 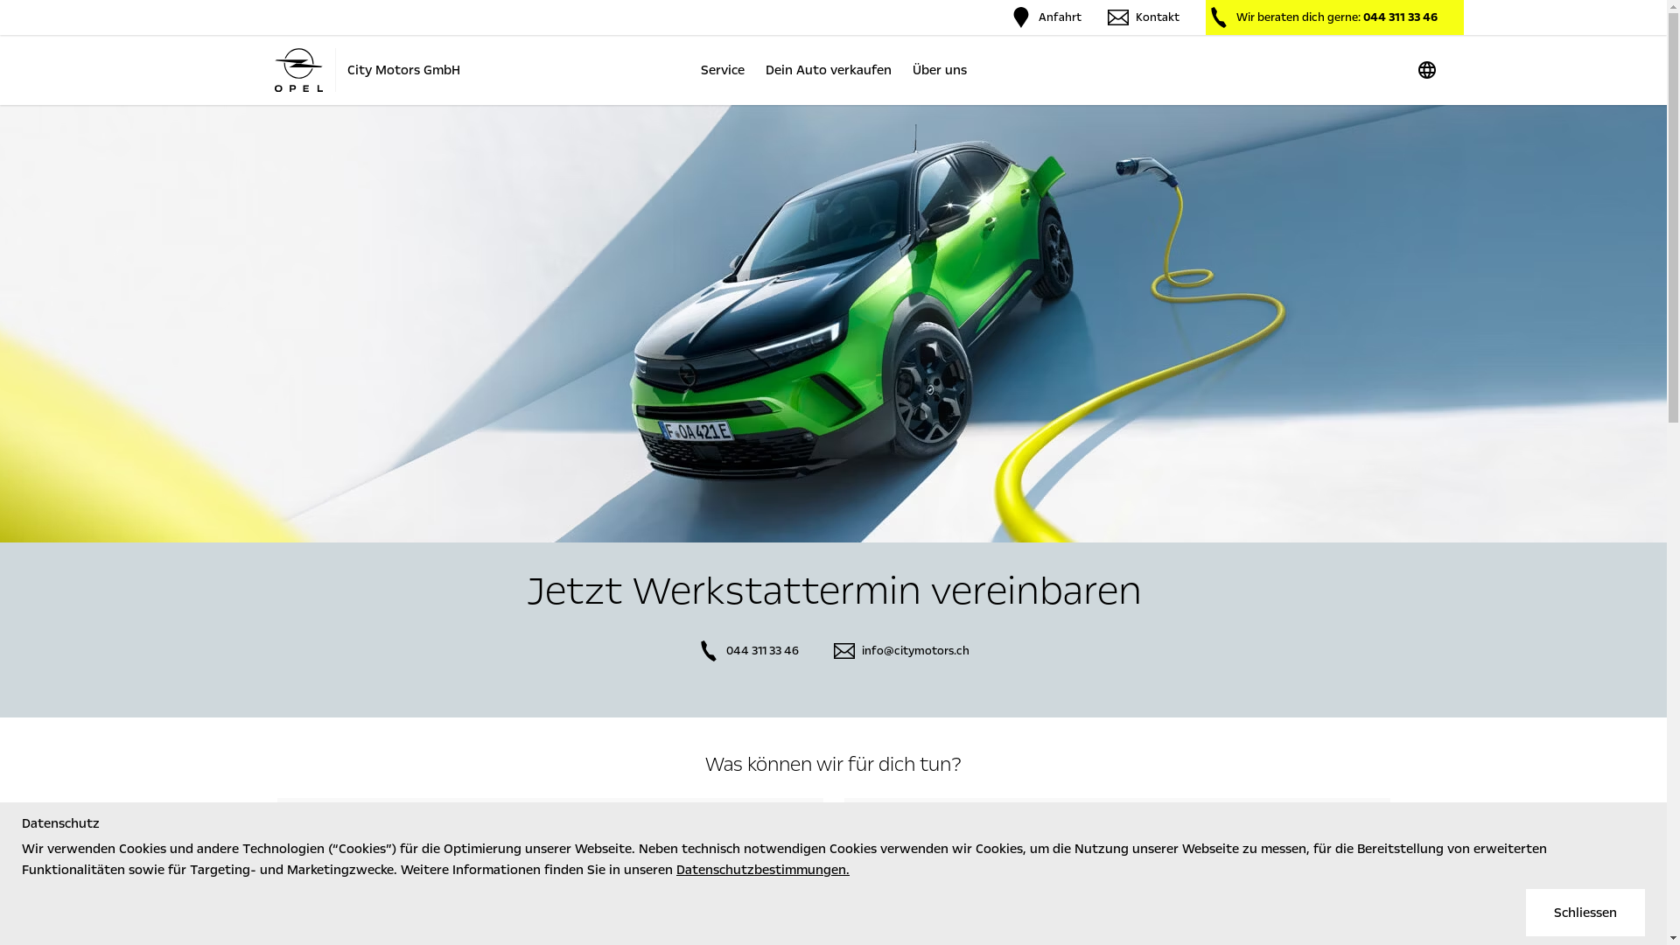 What do you see at coordinates (1204, 17) in the screenshot?
I see `'Wir beraten dich gerne:` at bounding box center [1204, 17].